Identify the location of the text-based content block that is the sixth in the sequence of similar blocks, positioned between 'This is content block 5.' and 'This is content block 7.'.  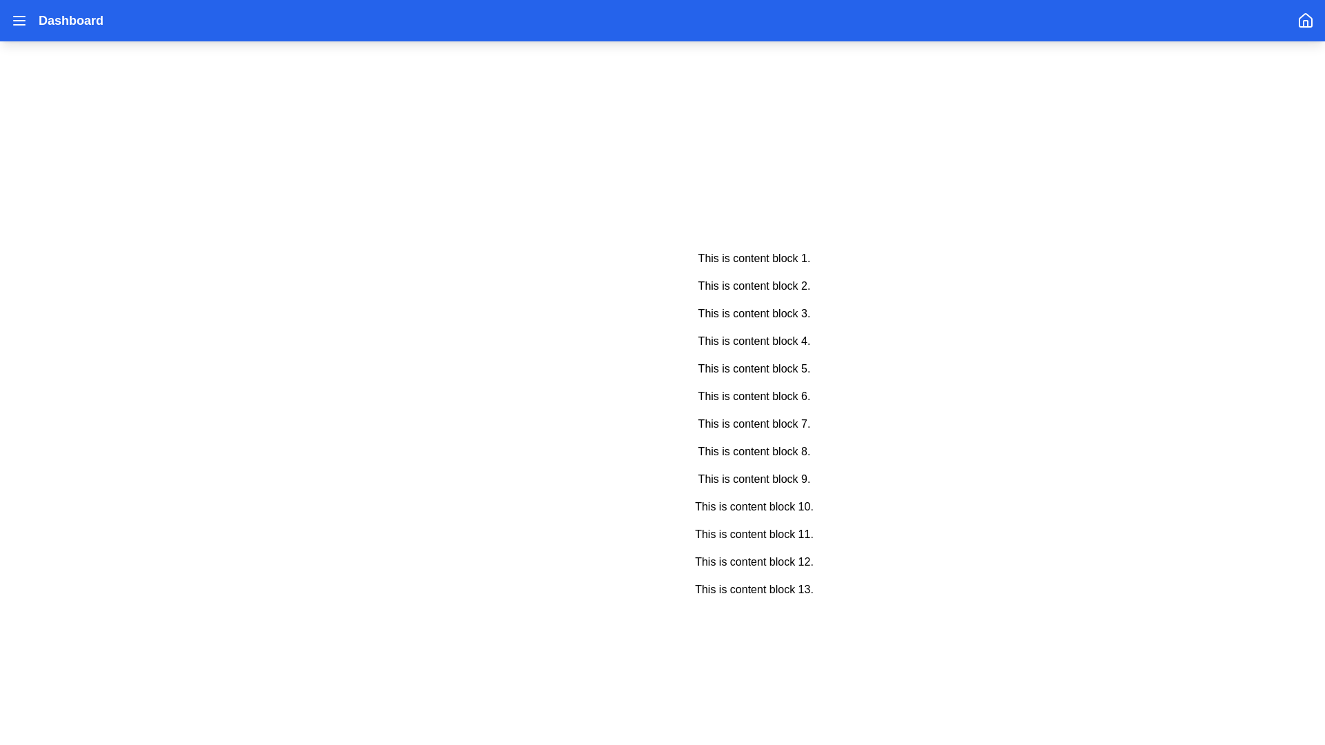
(754, 396).